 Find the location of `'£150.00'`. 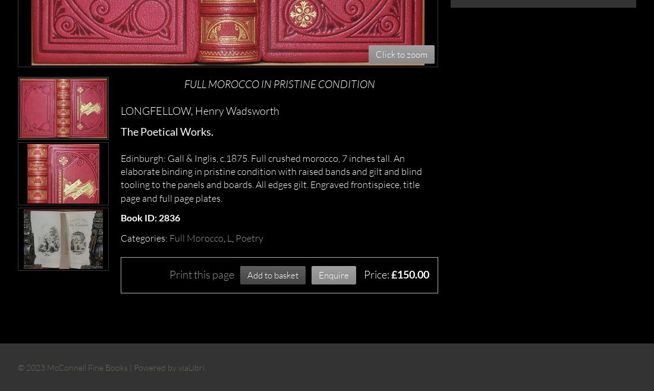

'£150.00' is located at coordinates (410, 274).